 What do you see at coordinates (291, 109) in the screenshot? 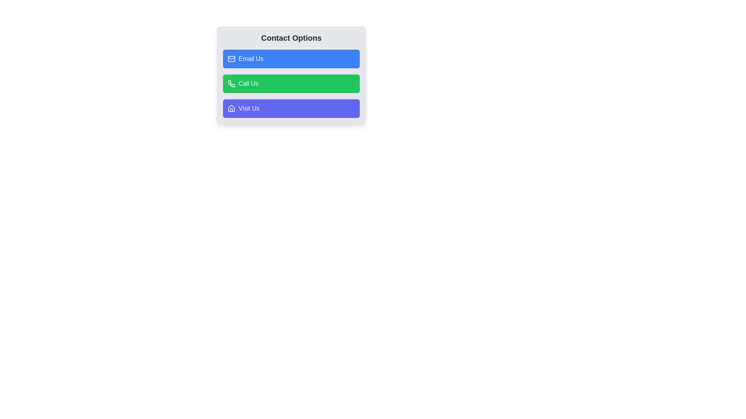
I see `the 'Visit Us' button, which is the last button in the 'Contact Options' section, to change its background color` at bounding box center [291, 109].